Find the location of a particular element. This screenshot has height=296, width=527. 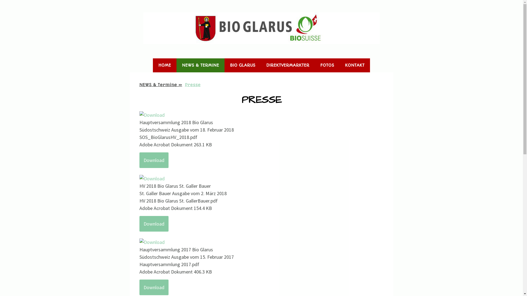

'HOME' is located at coordinates (164, 65).